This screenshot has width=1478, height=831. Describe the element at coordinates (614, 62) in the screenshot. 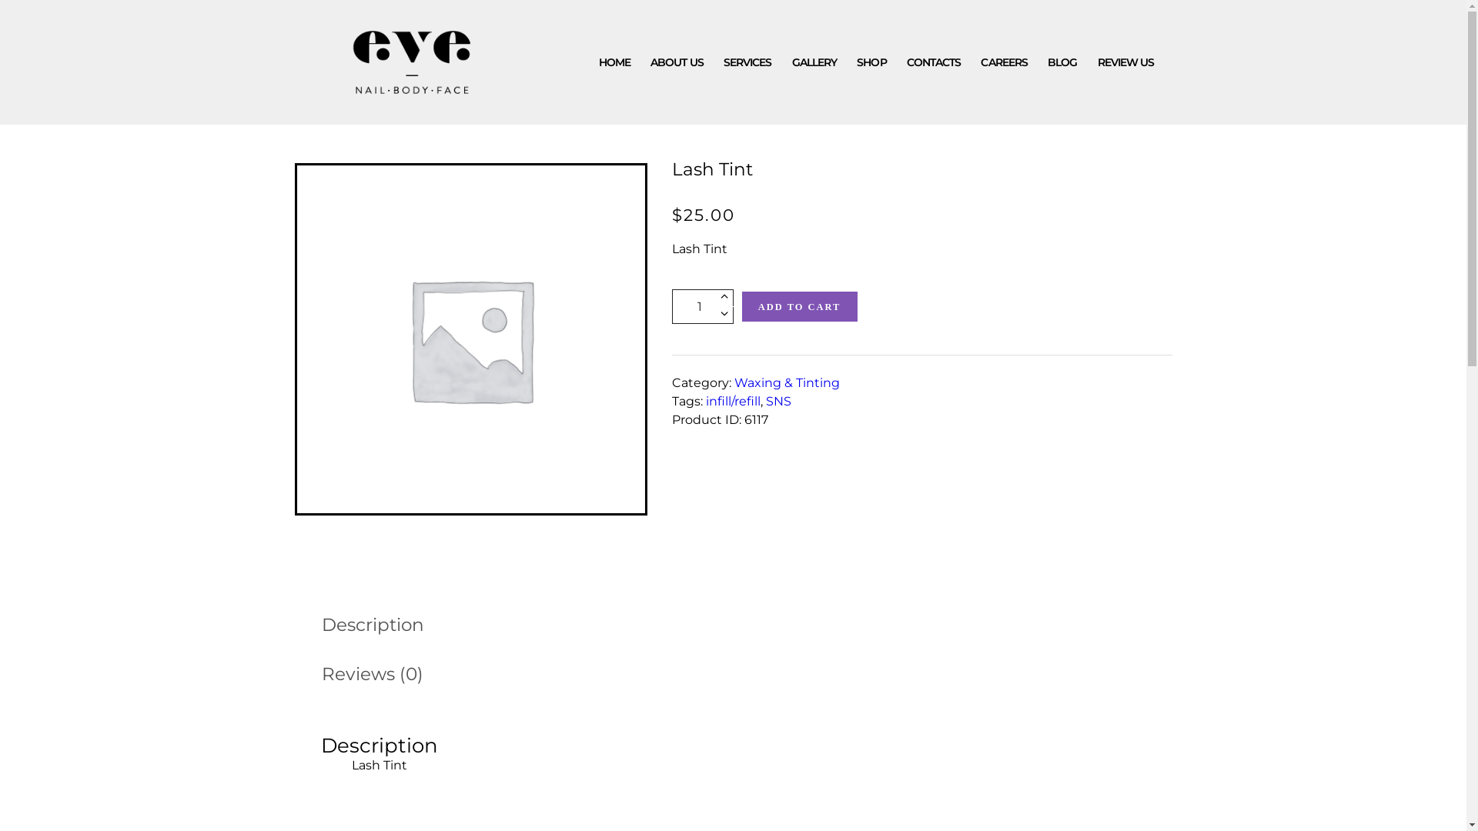

I see `'HOME'` at that location.